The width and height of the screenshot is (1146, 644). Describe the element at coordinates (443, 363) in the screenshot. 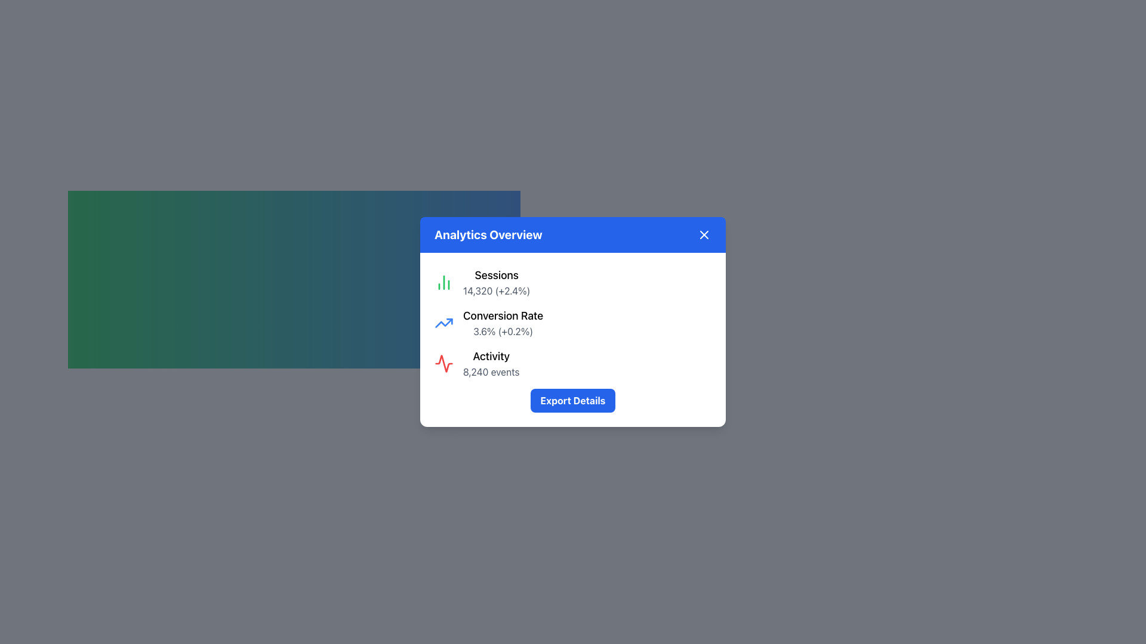

I see `the 'Activity' icon located in the 'Analytics Overview' panel to interact with it` at that location.